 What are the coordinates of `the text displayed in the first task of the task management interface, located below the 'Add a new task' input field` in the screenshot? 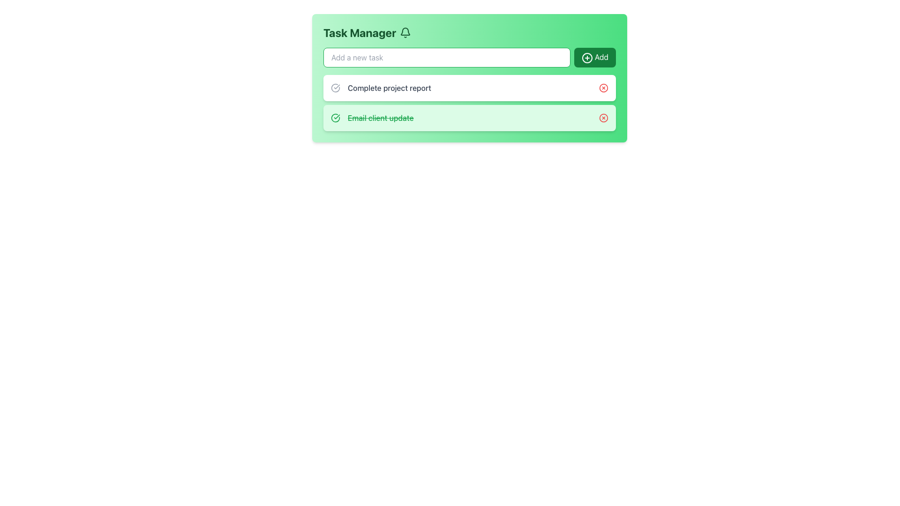 It's located at (381, 88).